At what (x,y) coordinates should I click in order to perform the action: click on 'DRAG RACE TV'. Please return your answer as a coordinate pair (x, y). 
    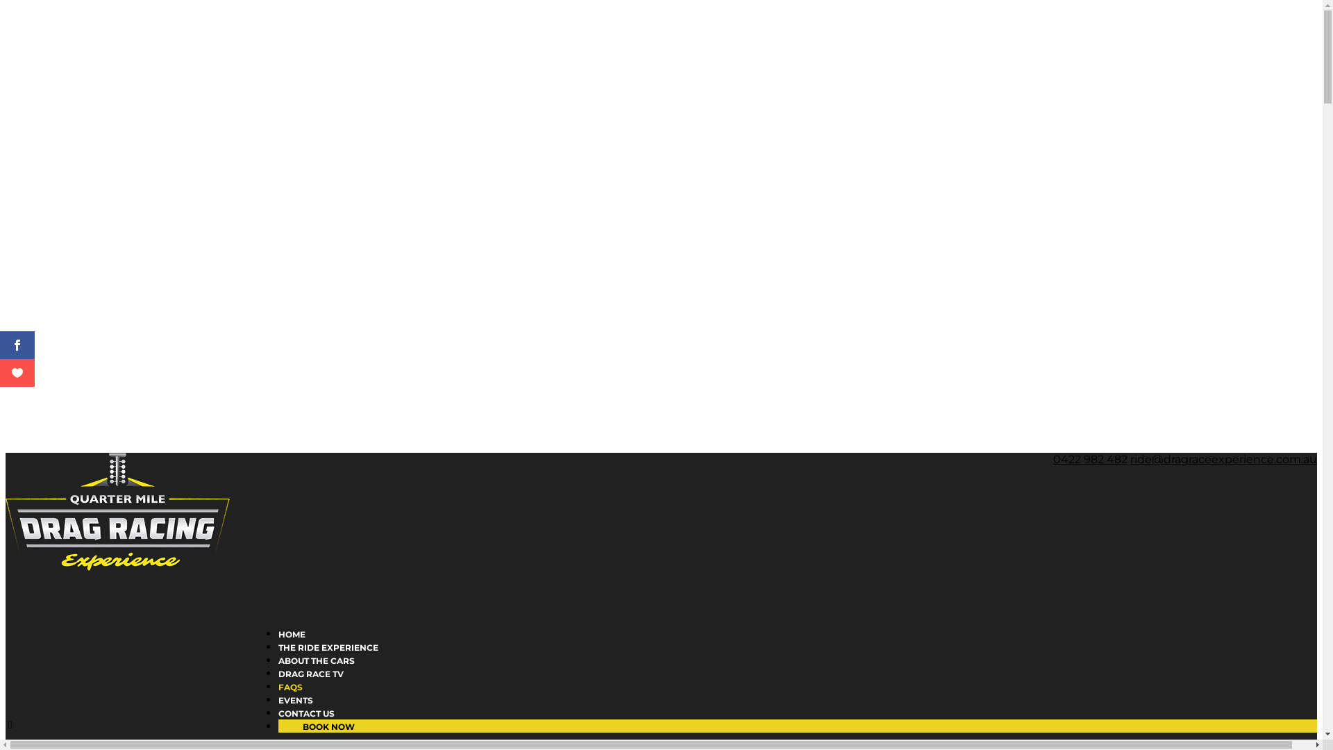
    Looking at the image, I should click on (310, 694).